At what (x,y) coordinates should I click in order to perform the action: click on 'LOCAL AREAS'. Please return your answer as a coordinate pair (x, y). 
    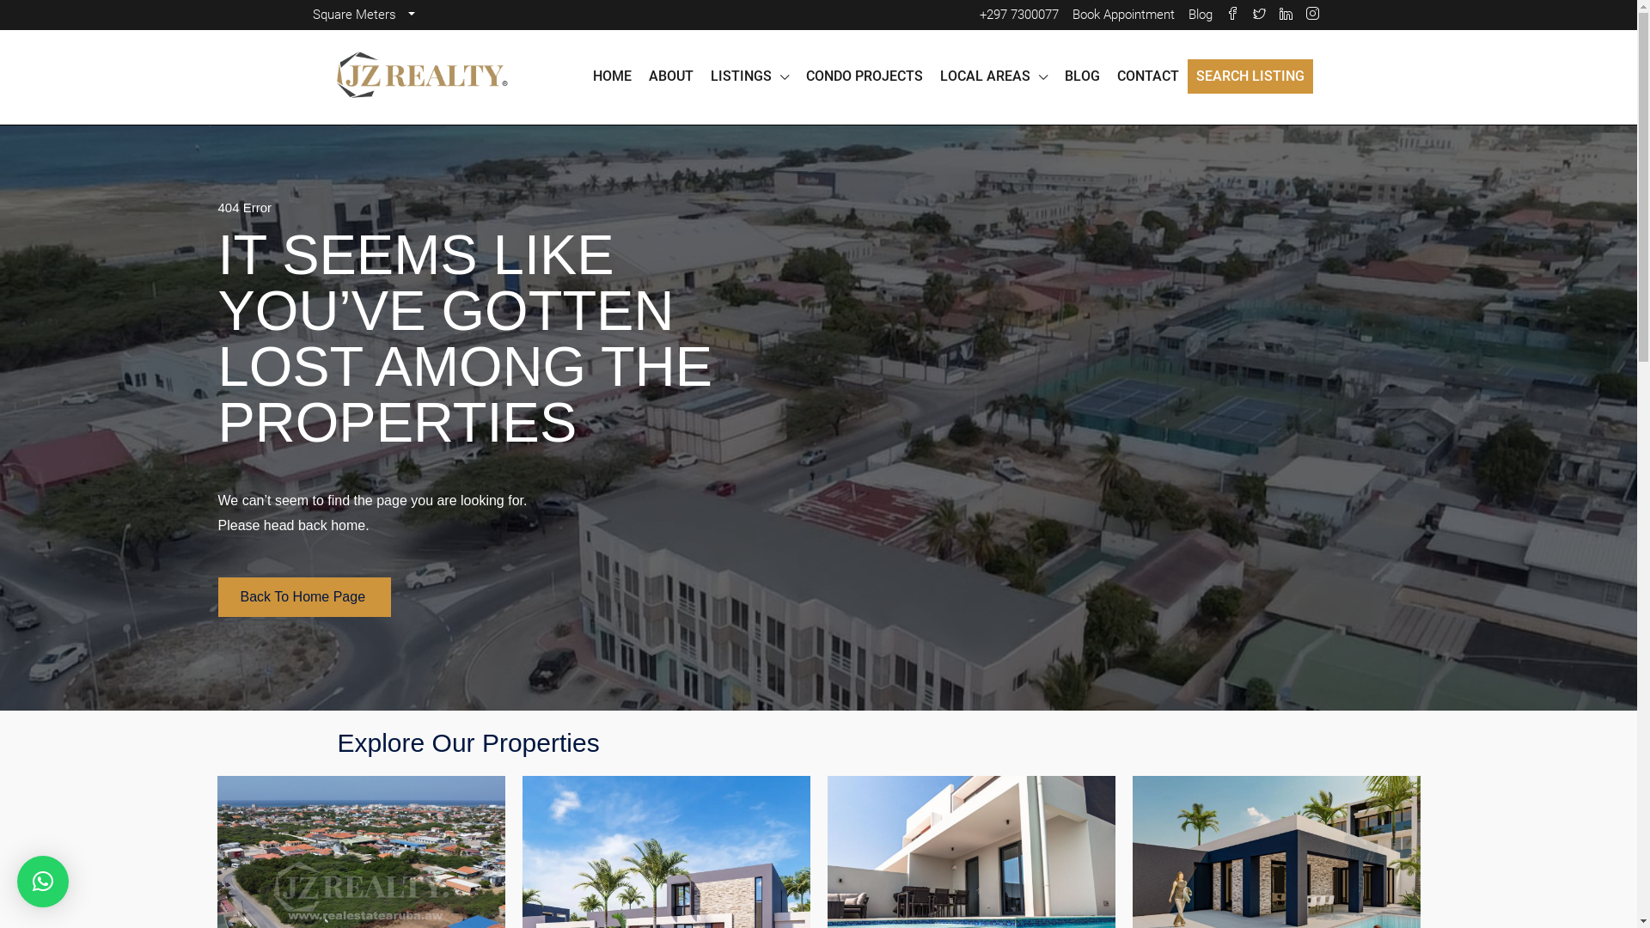
    Looking at the image, I should click on (931, 76).